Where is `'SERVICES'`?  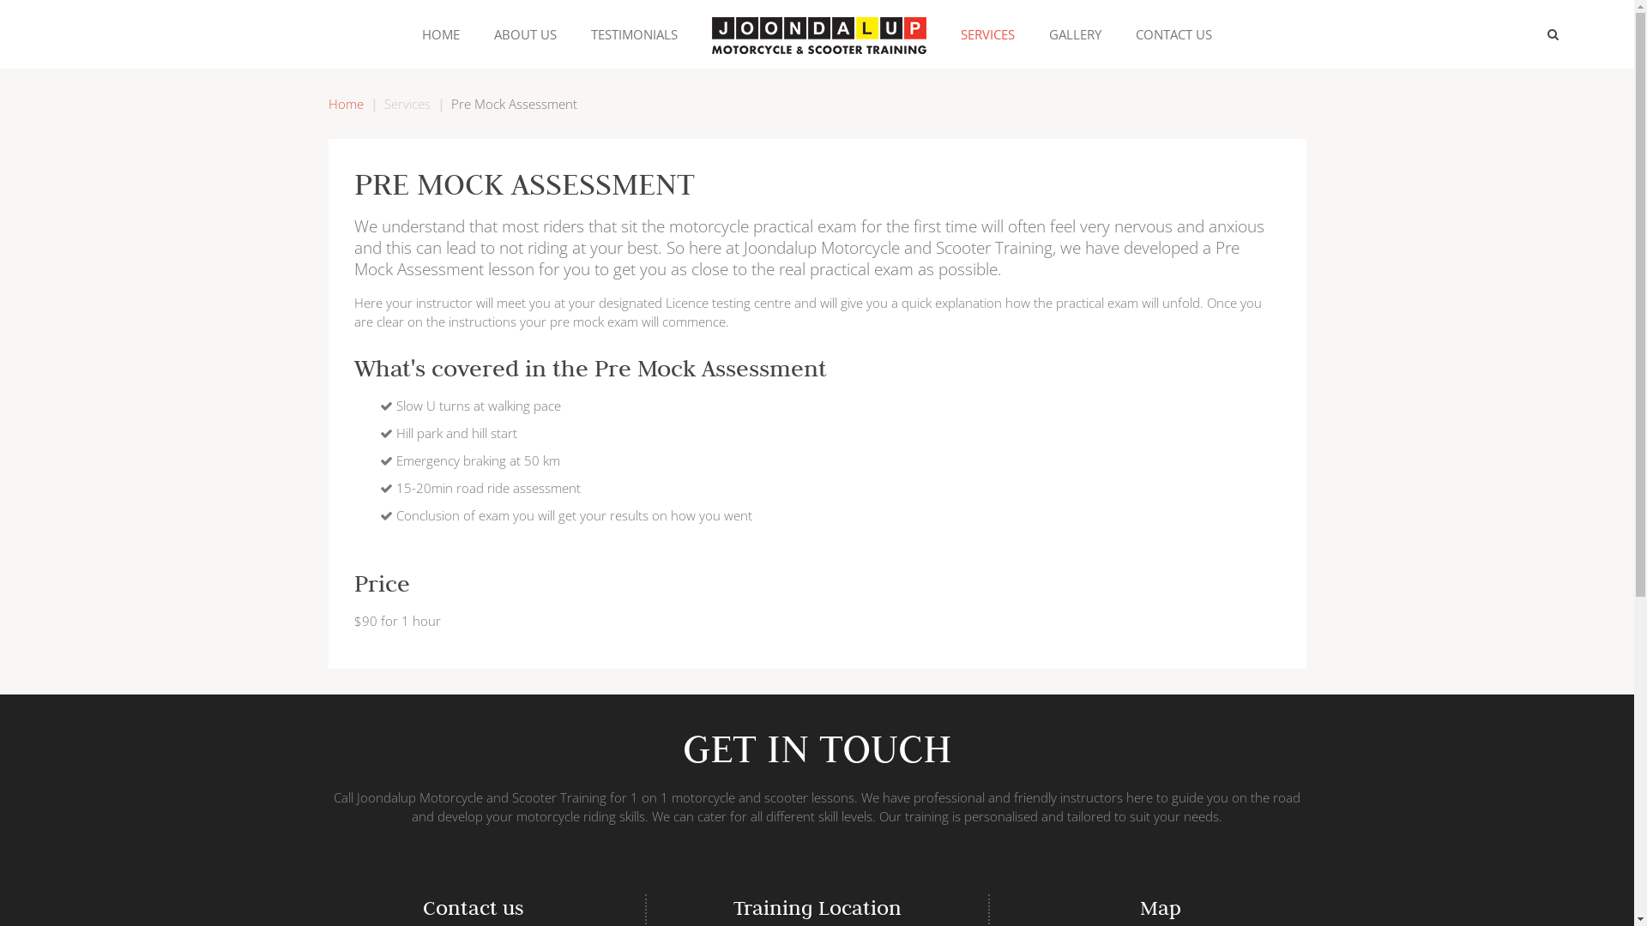 'SERVICES' is located at coordinates (942, 33).